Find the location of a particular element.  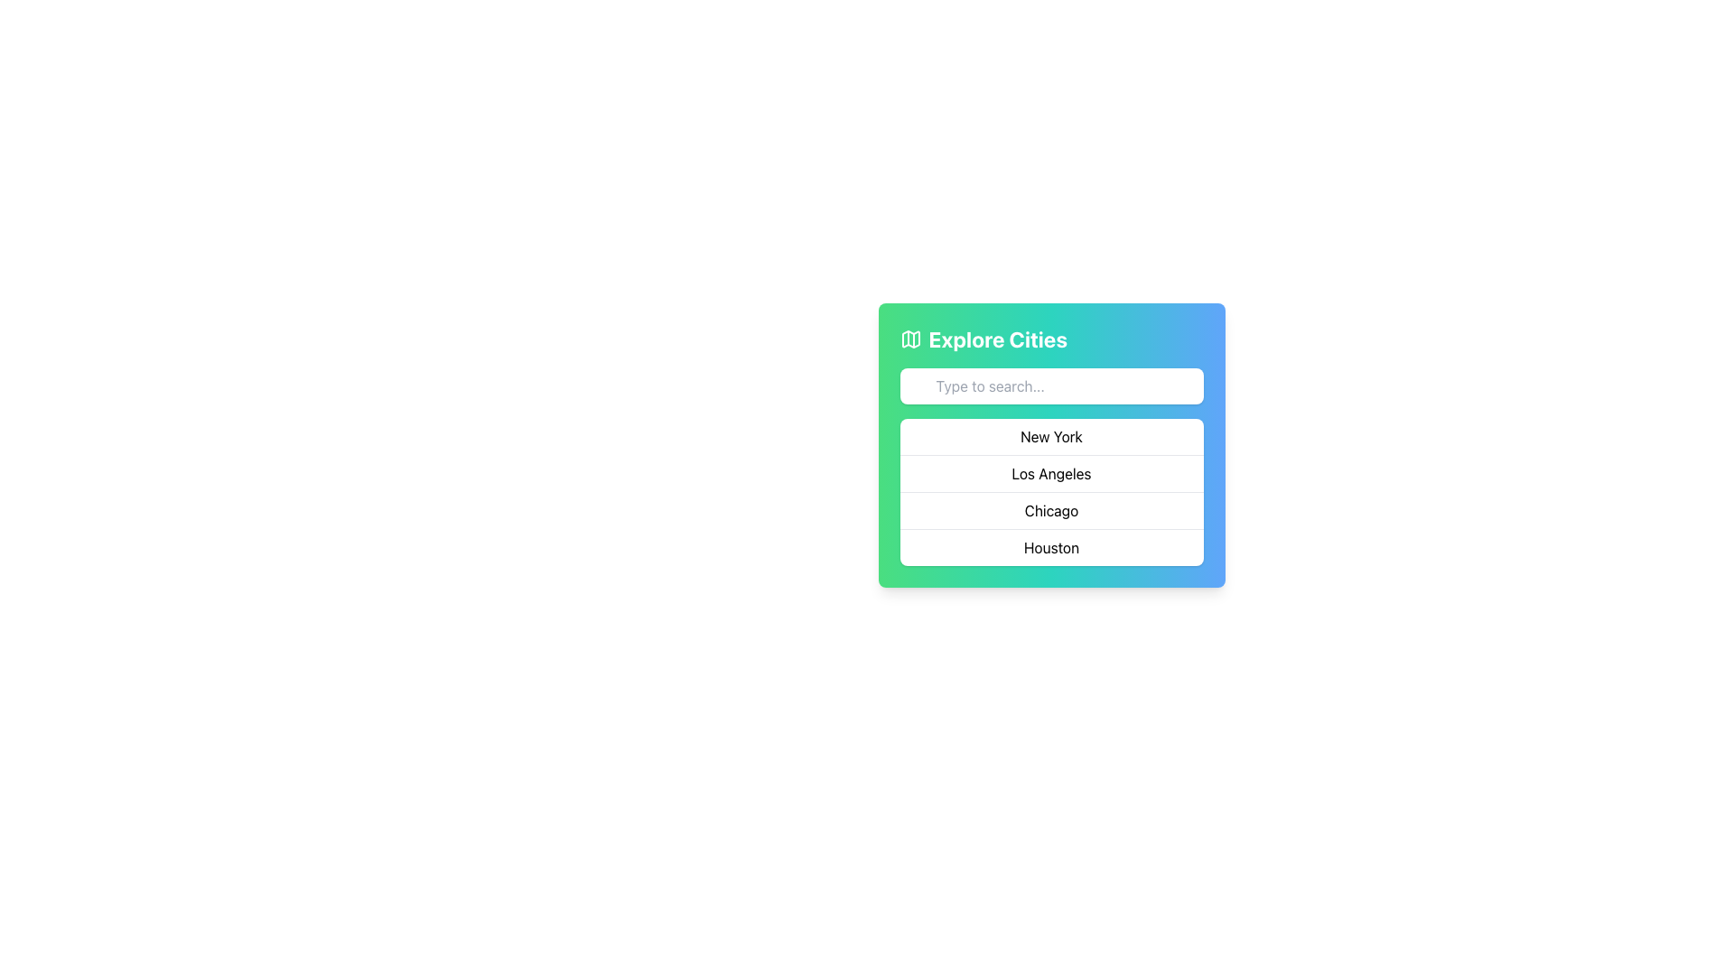

the decorative icon located to the left of the 'Explore Cities' label, which suggests navigation or exploration functionality is located at coordinates (910, 339).